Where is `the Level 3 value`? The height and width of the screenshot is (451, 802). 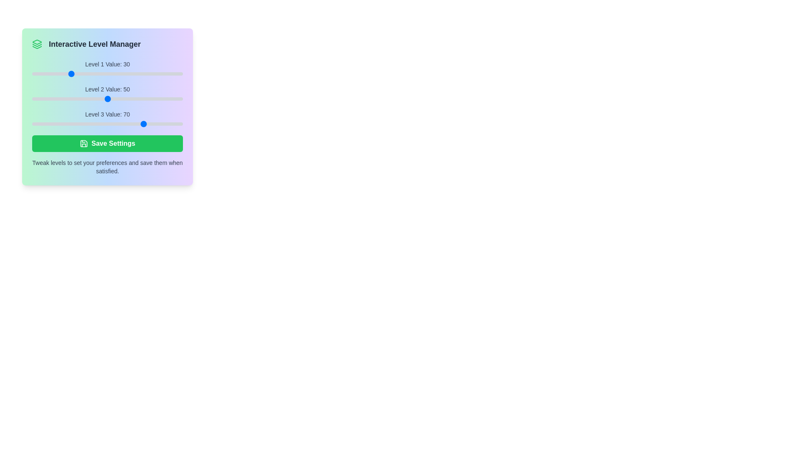
the Level 3 value is located at coordinates (70, 124).